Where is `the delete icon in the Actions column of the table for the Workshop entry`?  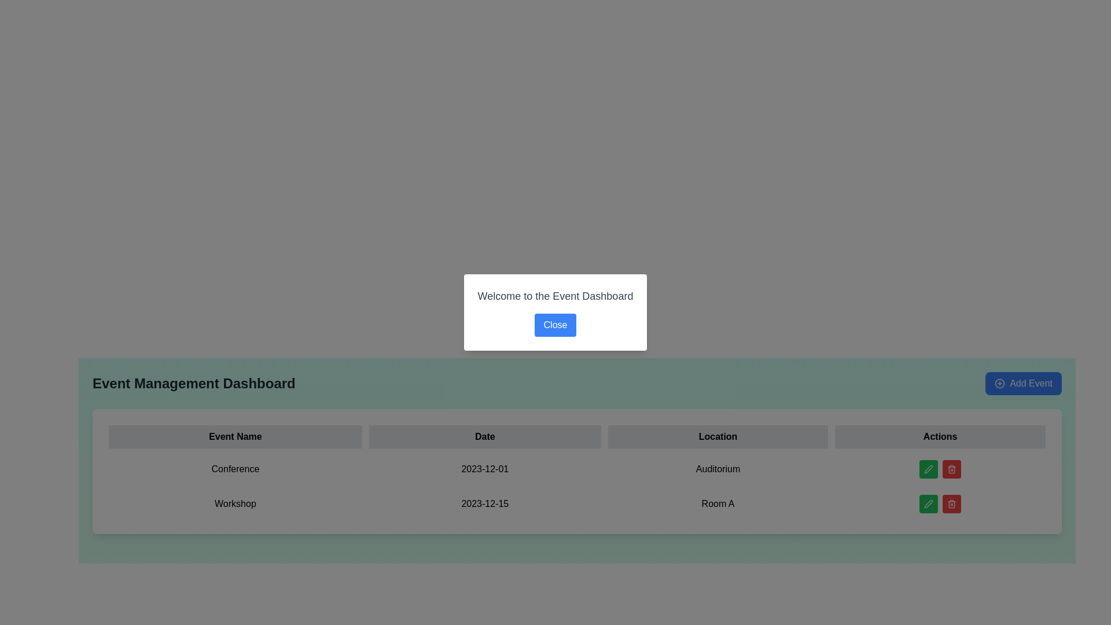 the delete icon in the Actions column of the table for the Workshop entry is located at coordinates (952, 504).